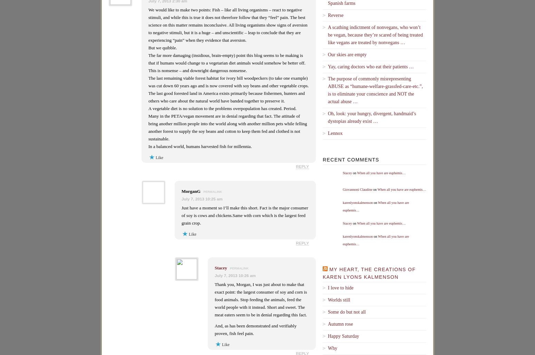 The width and height of the screenshot is (535, 355). Describe the element at coordinates (235, 275) in the screenshot. I see `'July 7, 2013 10:26 am'` at that location.